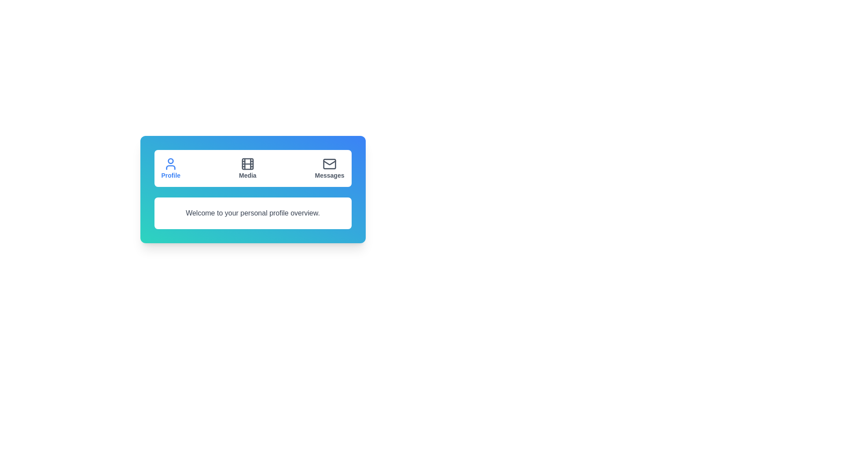 The image size is (845, 475). Describe the element at coordinates (171, 168) in the screenshot. I see `the Profile tab by clicking on it` at that location.